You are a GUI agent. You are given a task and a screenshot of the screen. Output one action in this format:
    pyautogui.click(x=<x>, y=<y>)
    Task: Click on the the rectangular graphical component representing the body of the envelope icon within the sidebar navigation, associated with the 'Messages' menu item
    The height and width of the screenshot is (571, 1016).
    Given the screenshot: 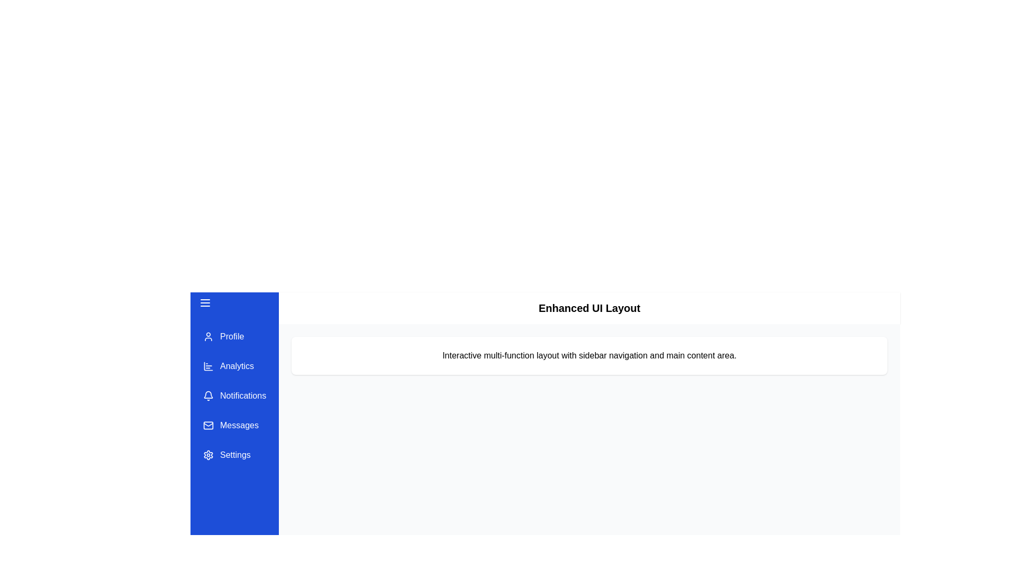 What is the action you would take?
    pyautogui.click(x=208, y=425)
    